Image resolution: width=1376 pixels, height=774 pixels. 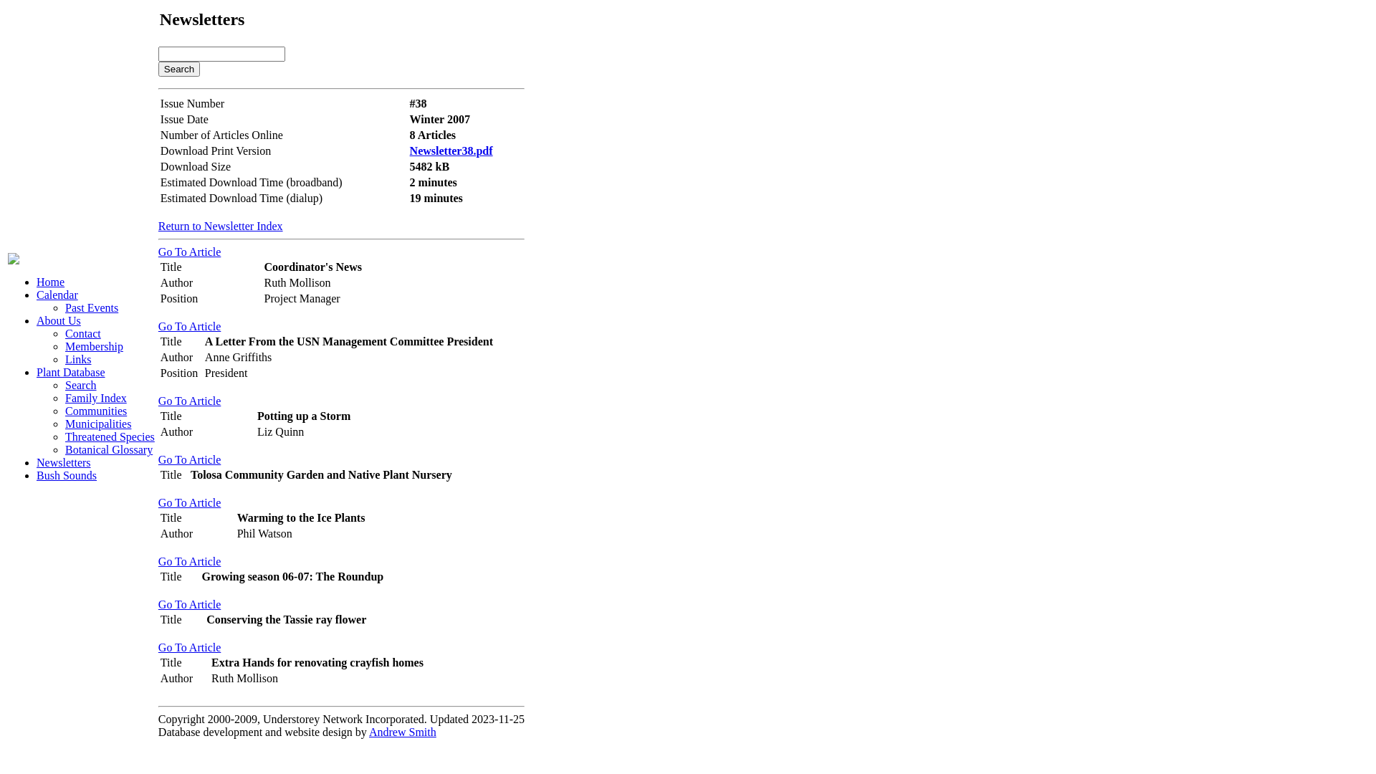 I want to click on 'Newsletters', so click(x=63, y=462).